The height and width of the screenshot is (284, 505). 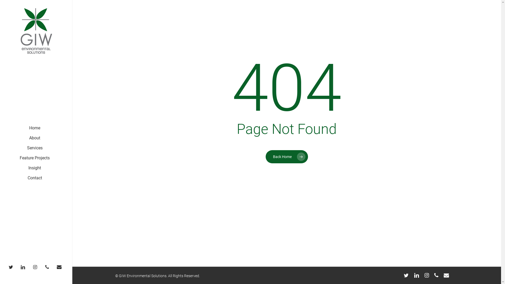 I want to click on 'instagram', so click(x=30, y=267).